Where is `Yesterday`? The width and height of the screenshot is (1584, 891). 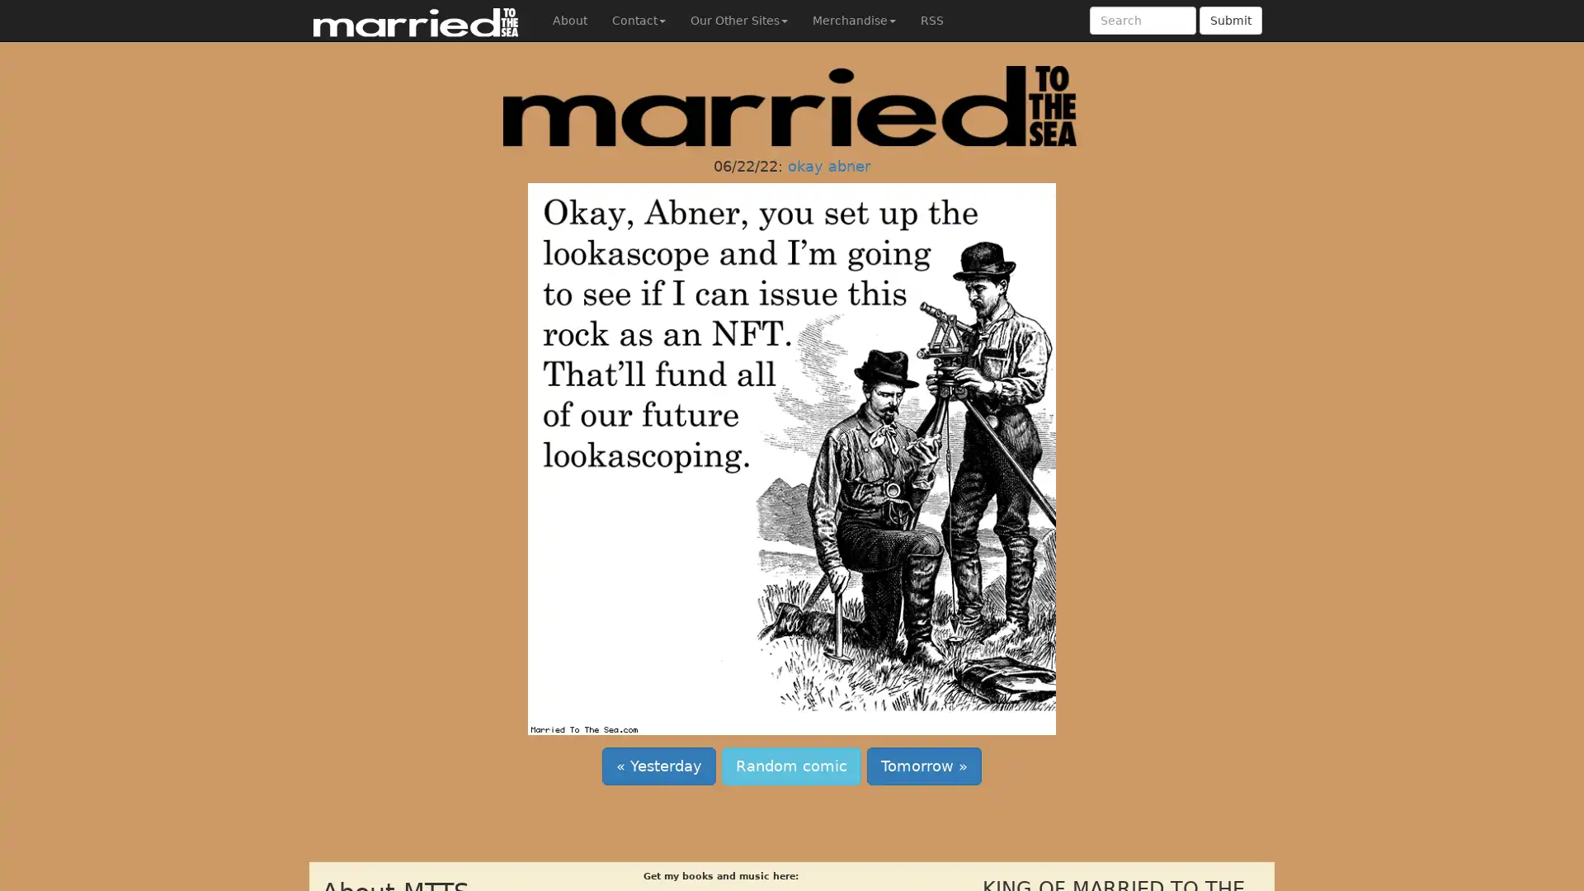 Yesterday is located at coordinates (658, 766).